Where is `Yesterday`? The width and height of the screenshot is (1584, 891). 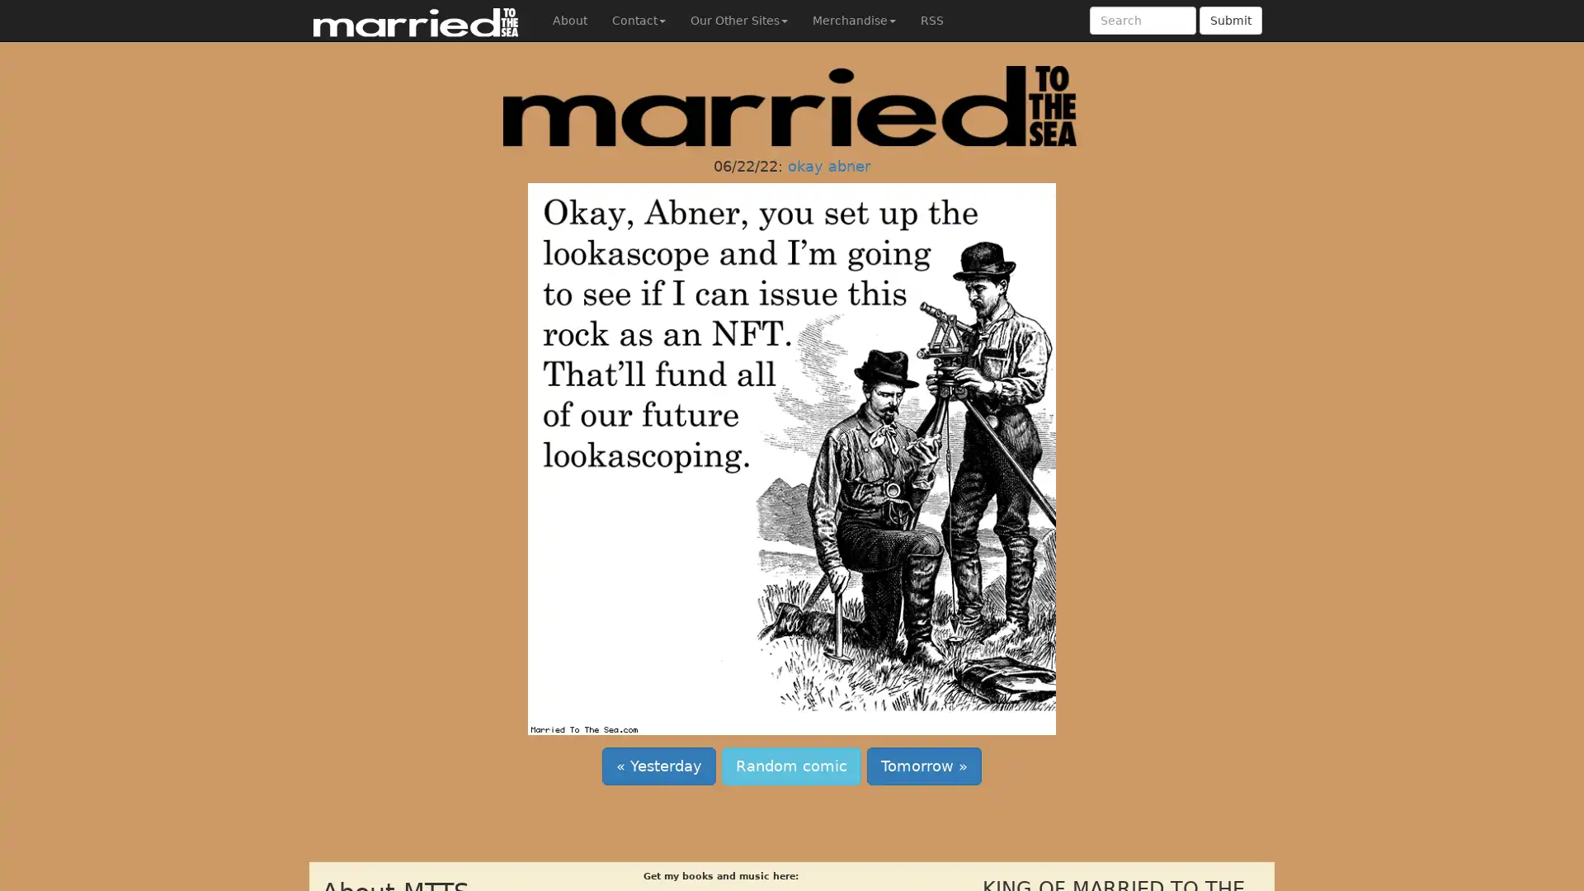 Yesterday is located at coordinates (658, 766).